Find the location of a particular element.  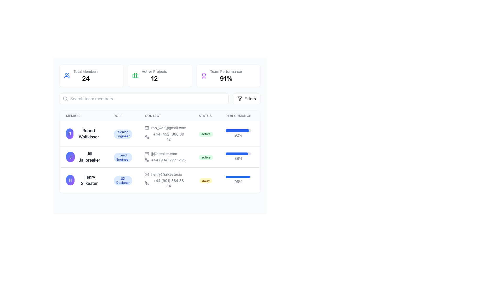

the designation label indicating the job role of 'Robert Wolfkisser' in the 'ROLE' column of the table is located at coordinates (123, 133).